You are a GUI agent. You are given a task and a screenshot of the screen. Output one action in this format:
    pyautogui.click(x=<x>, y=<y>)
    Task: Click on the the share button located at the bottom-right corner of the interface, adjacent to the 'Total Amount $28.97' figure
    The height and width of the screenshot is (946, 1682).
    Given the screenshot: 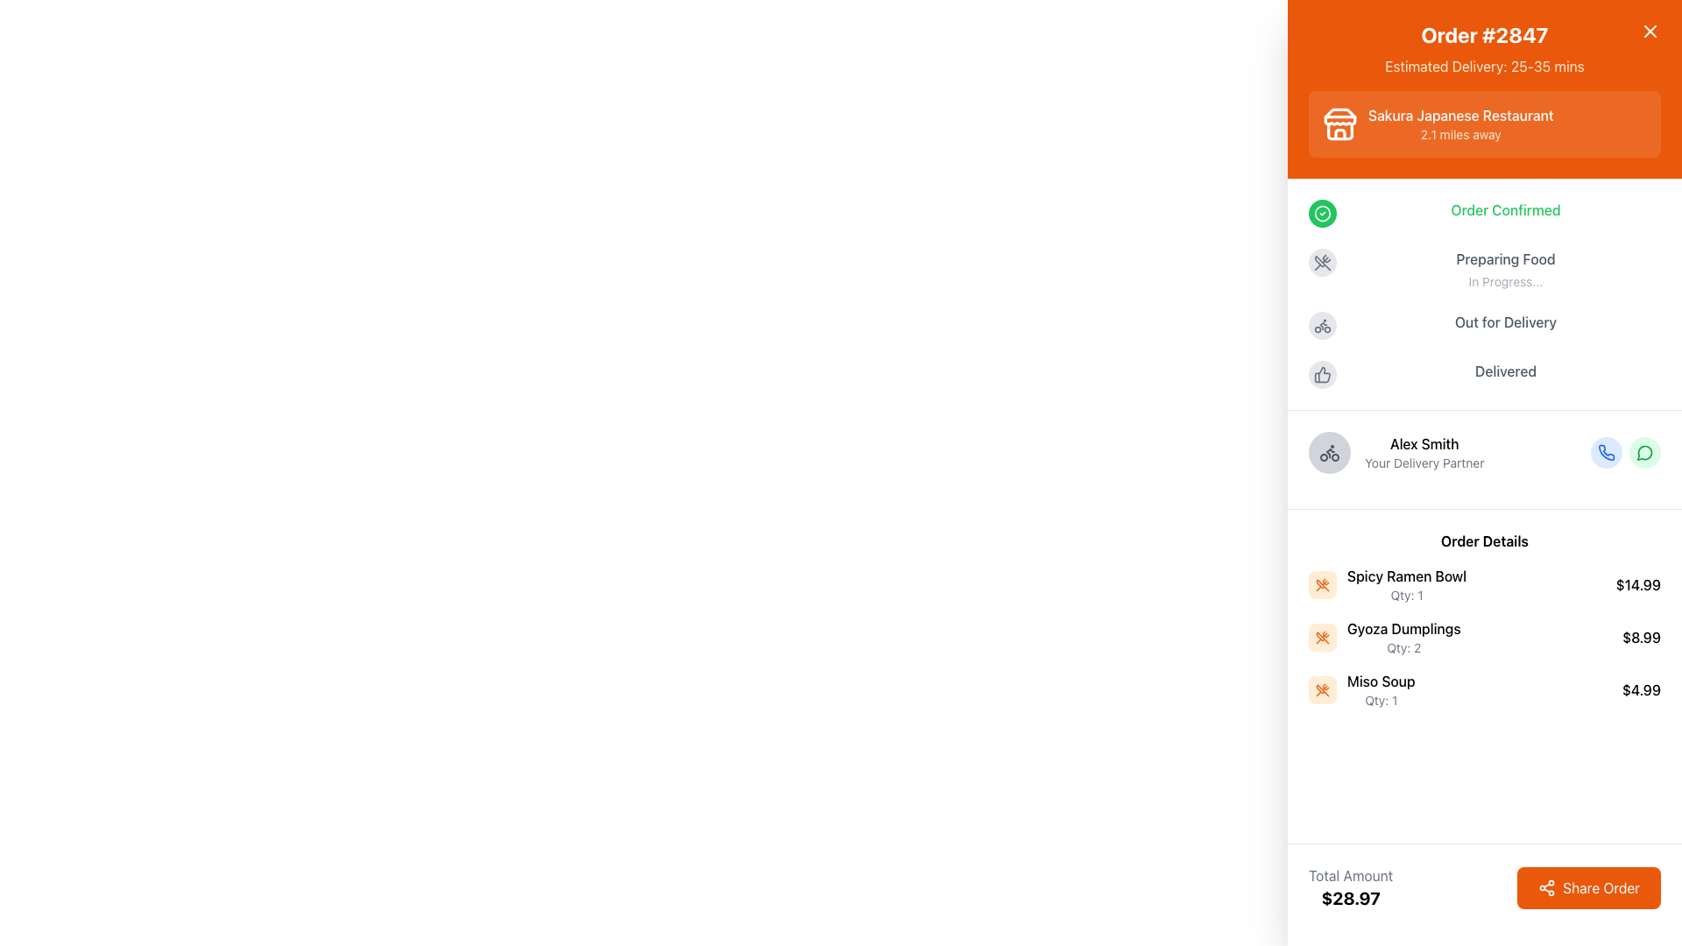 What is the action you would take?
    pyautogui.click(x=1589, y=888)
    